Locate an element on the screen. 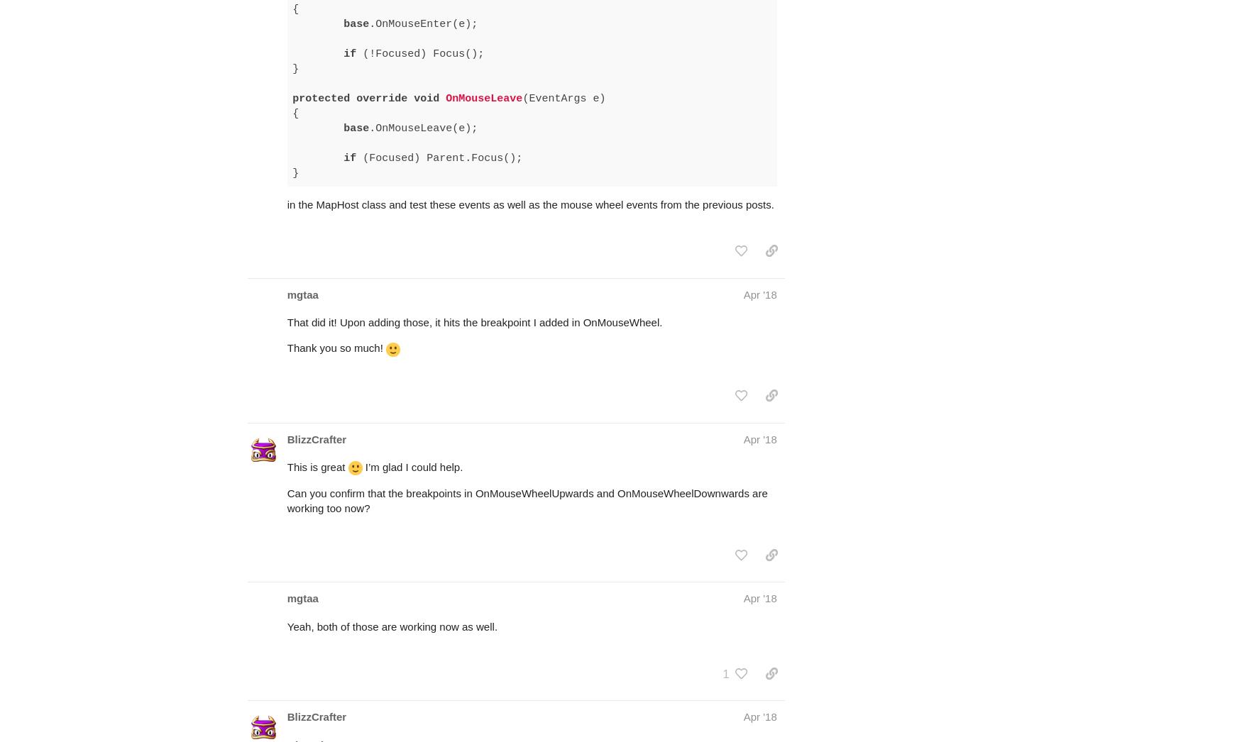 Image resolution: width=1242 pixels, height=742 pixels. 'I’m glad I could help.' is located at coordinates (412, 411).